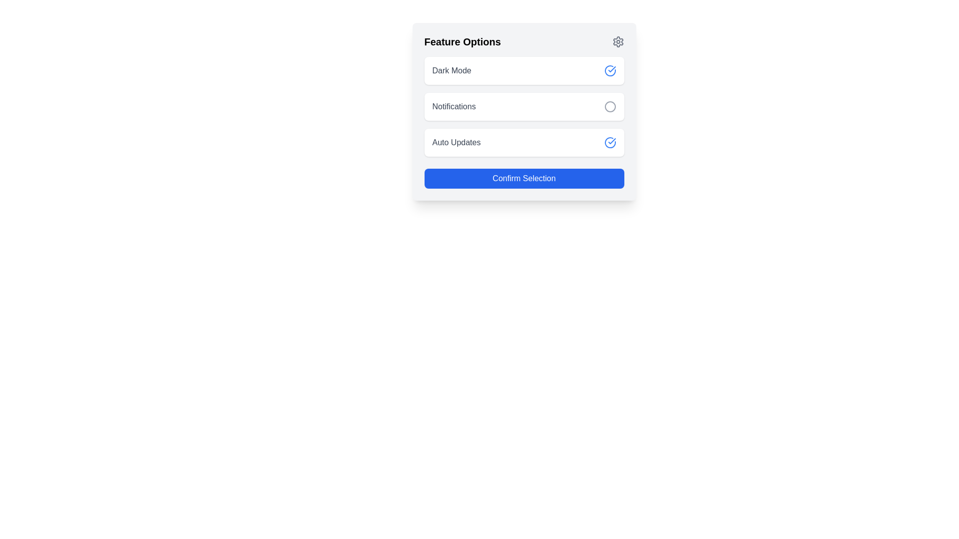  I want to click on the 'Confirm Selection' button, which is a rectangular button with a blue background and rounded corners located below the 'Auto Updates' toggle option, so click(523, 178).